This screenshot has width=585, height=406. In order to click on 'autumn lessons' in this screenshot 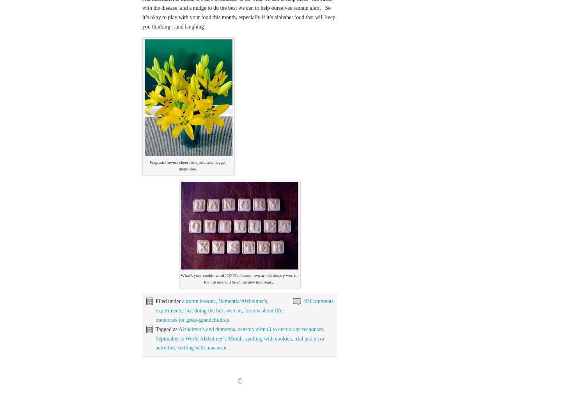, I will do `click(198, 301)`.